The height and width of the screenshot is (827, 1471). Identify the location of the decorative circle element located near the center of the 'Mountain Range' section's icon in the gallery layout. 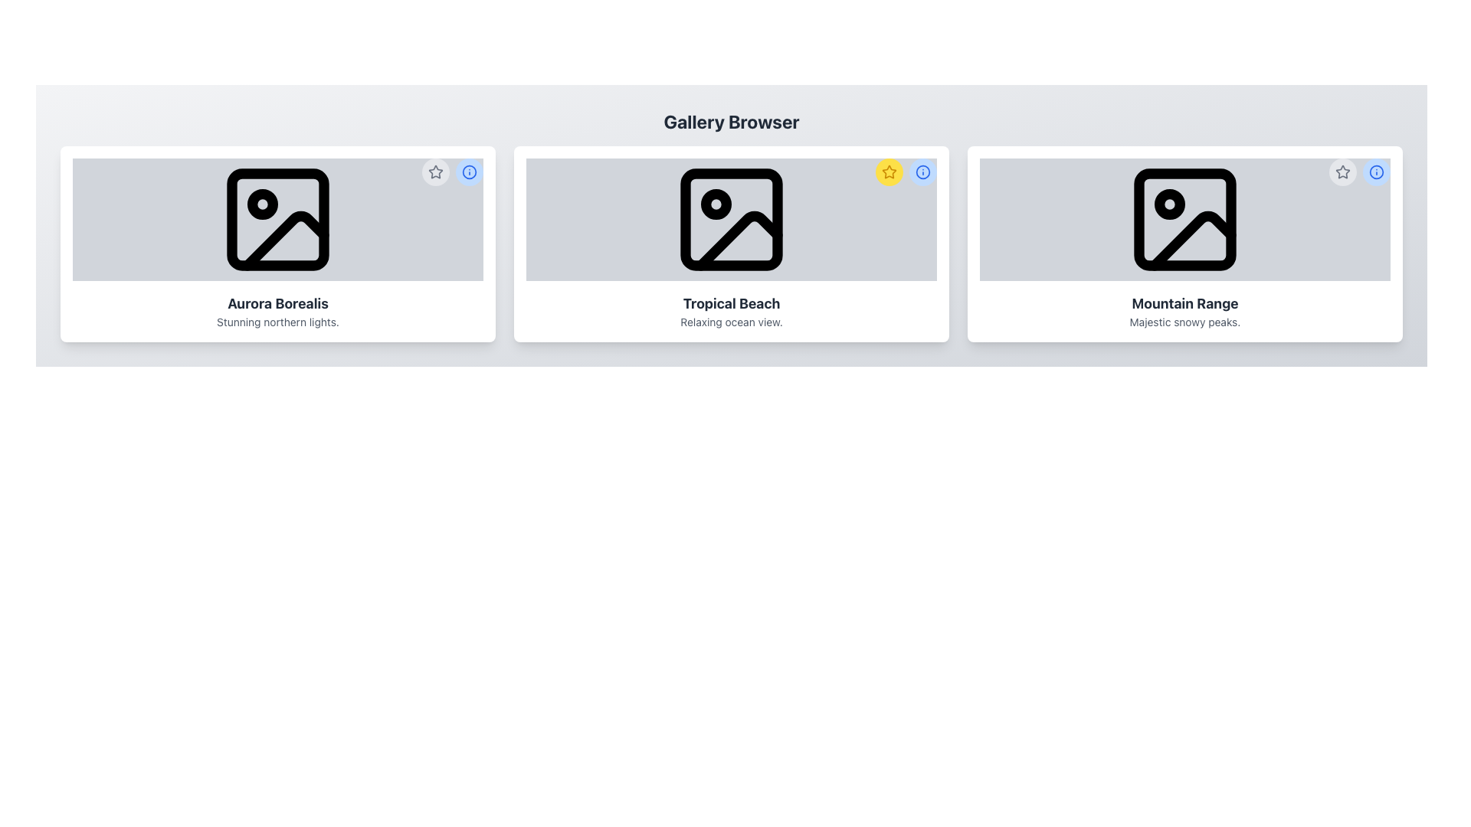
(1168, 203).